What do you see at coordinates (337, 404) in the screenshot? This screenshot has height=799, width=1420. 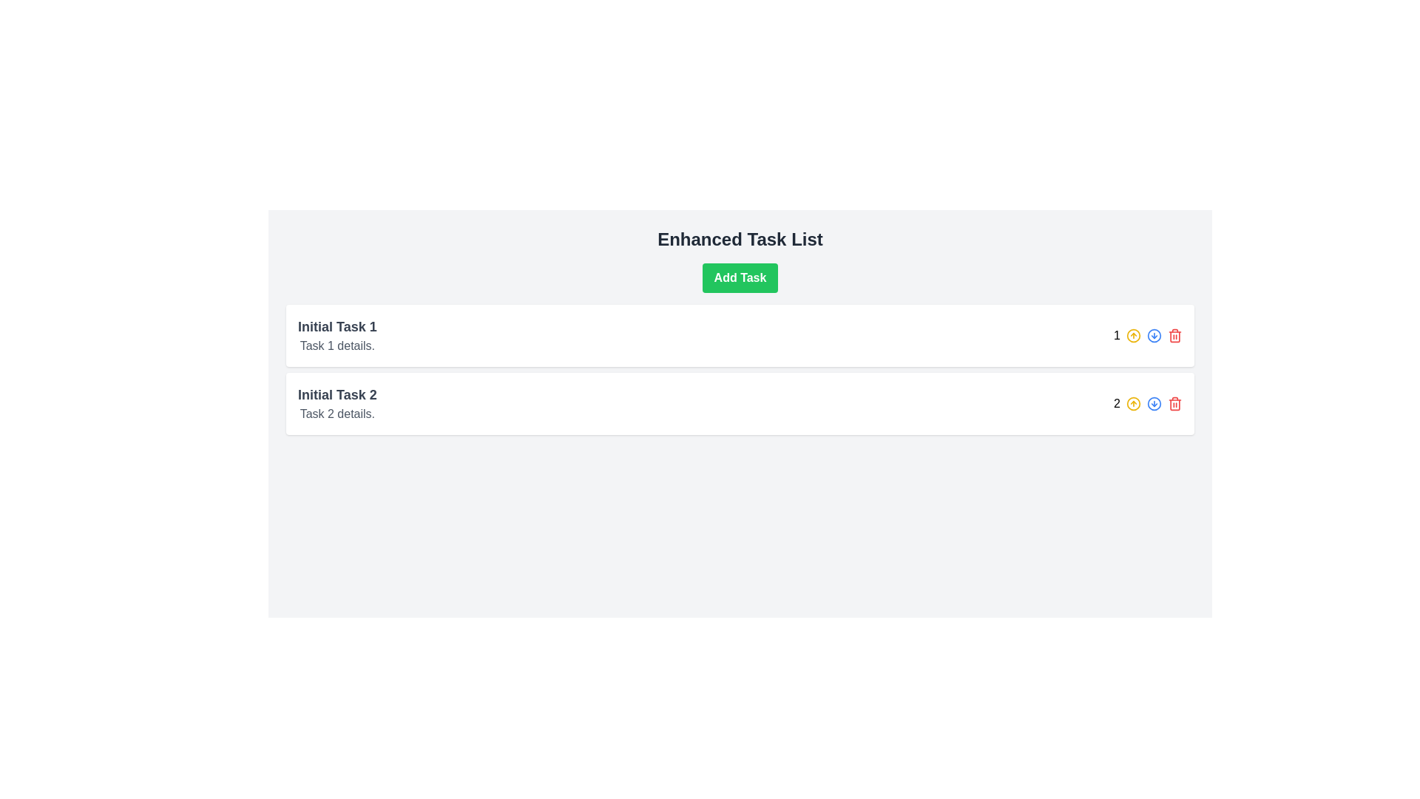 I see `the text block displaying 'Initial Task 2' and 'Task 2 details.' which is located in the second task block of the task list` at bounding box center [337, 404].